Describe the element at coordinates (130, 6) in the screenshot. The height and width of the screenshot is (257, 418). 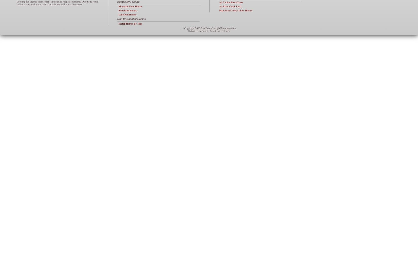
I see `'Mountain View Homes'` at that location.